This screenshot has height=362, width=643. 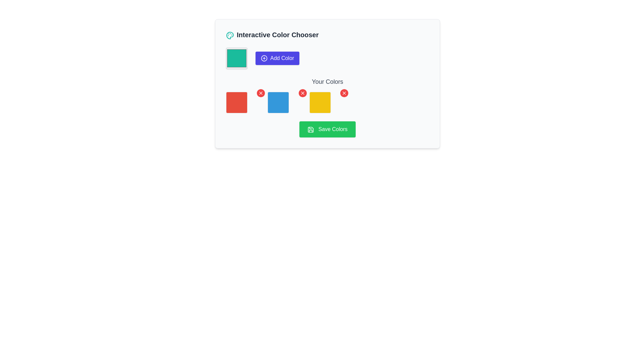 I want to click on the second square color display placeholder in the 'Your Colors' section, which is positioned between a red square and a yellow square, so click(x=278, y=102).